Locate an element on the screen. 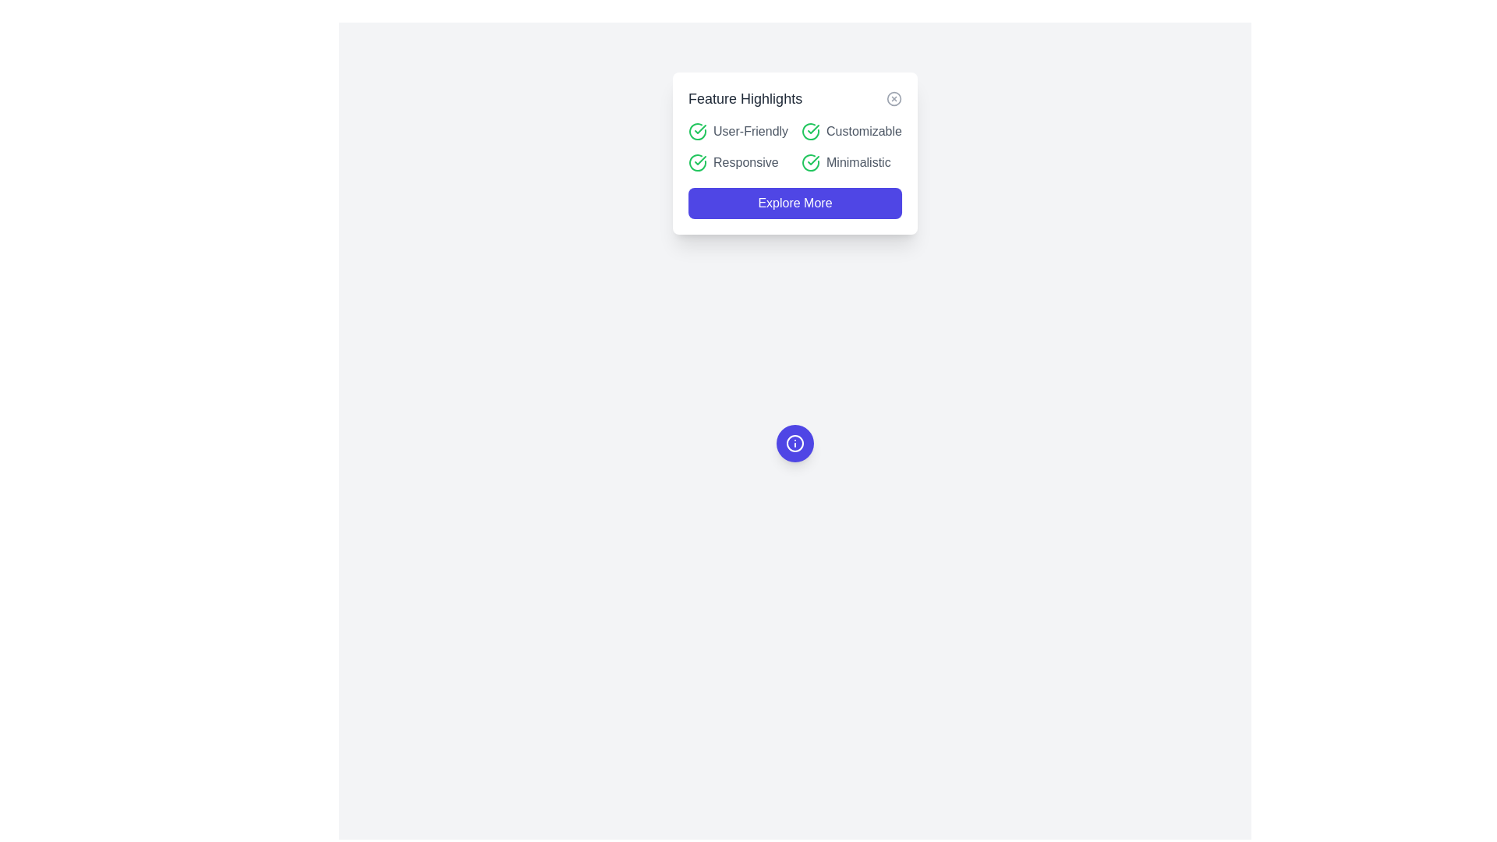 The height and width of the screenshot is (842, 1497). the 'Explore More' button with a vivid indigo background is located at coordinates (795, 203).